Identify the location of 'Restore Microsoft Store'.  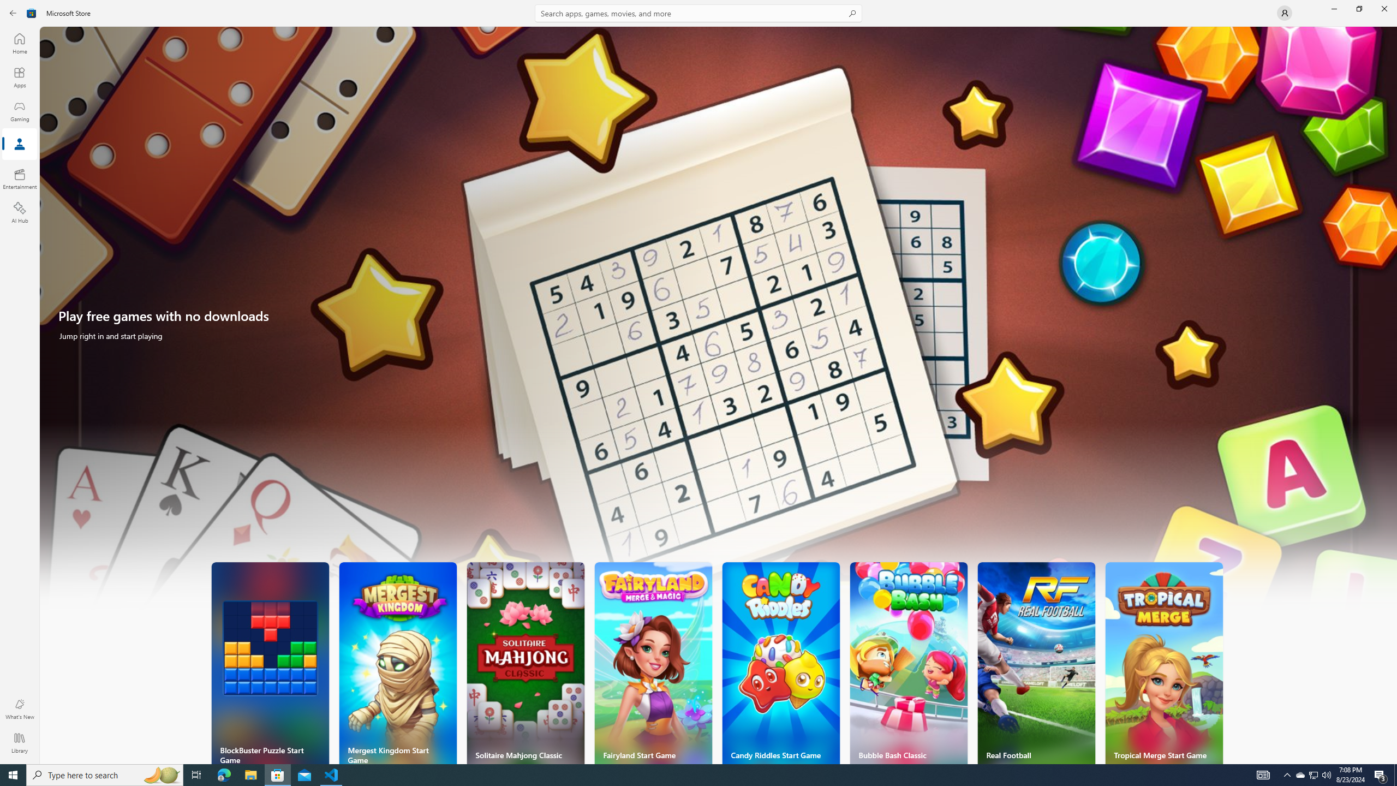
(1359, 8).